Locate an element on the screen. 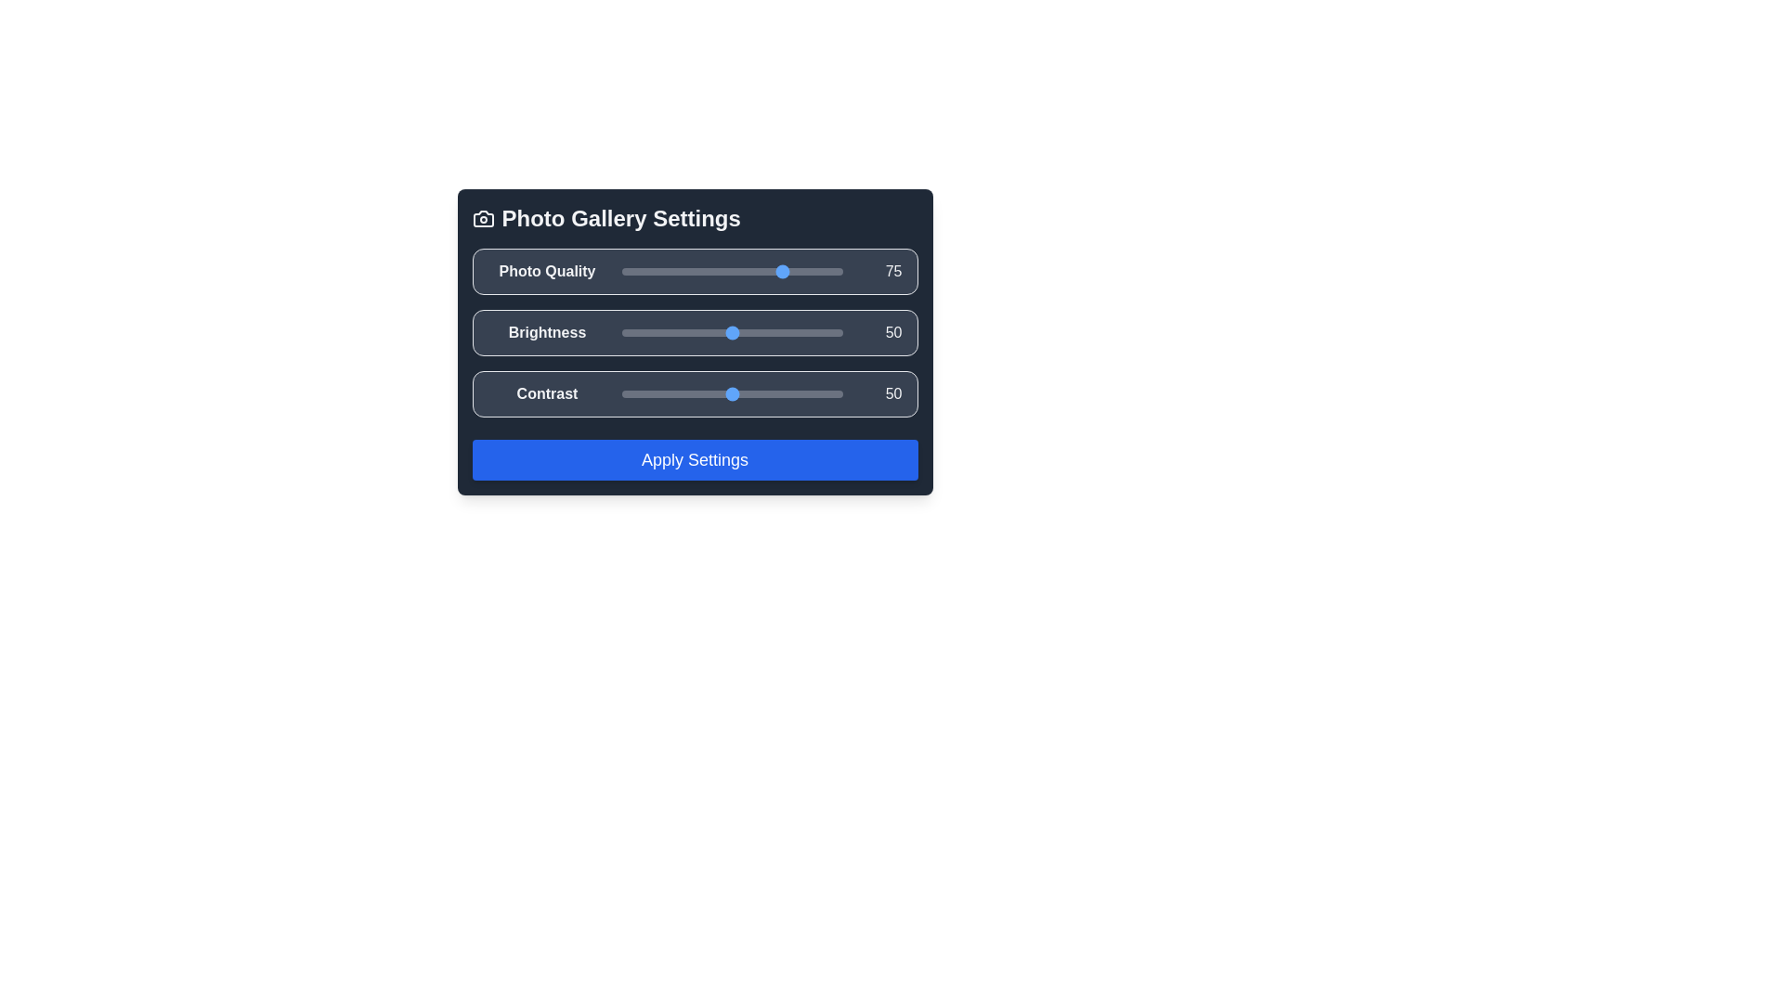 Image resolution: width=1783 pixels, height=1002 pixels. the contrast level is located at coordinates (648, 392).